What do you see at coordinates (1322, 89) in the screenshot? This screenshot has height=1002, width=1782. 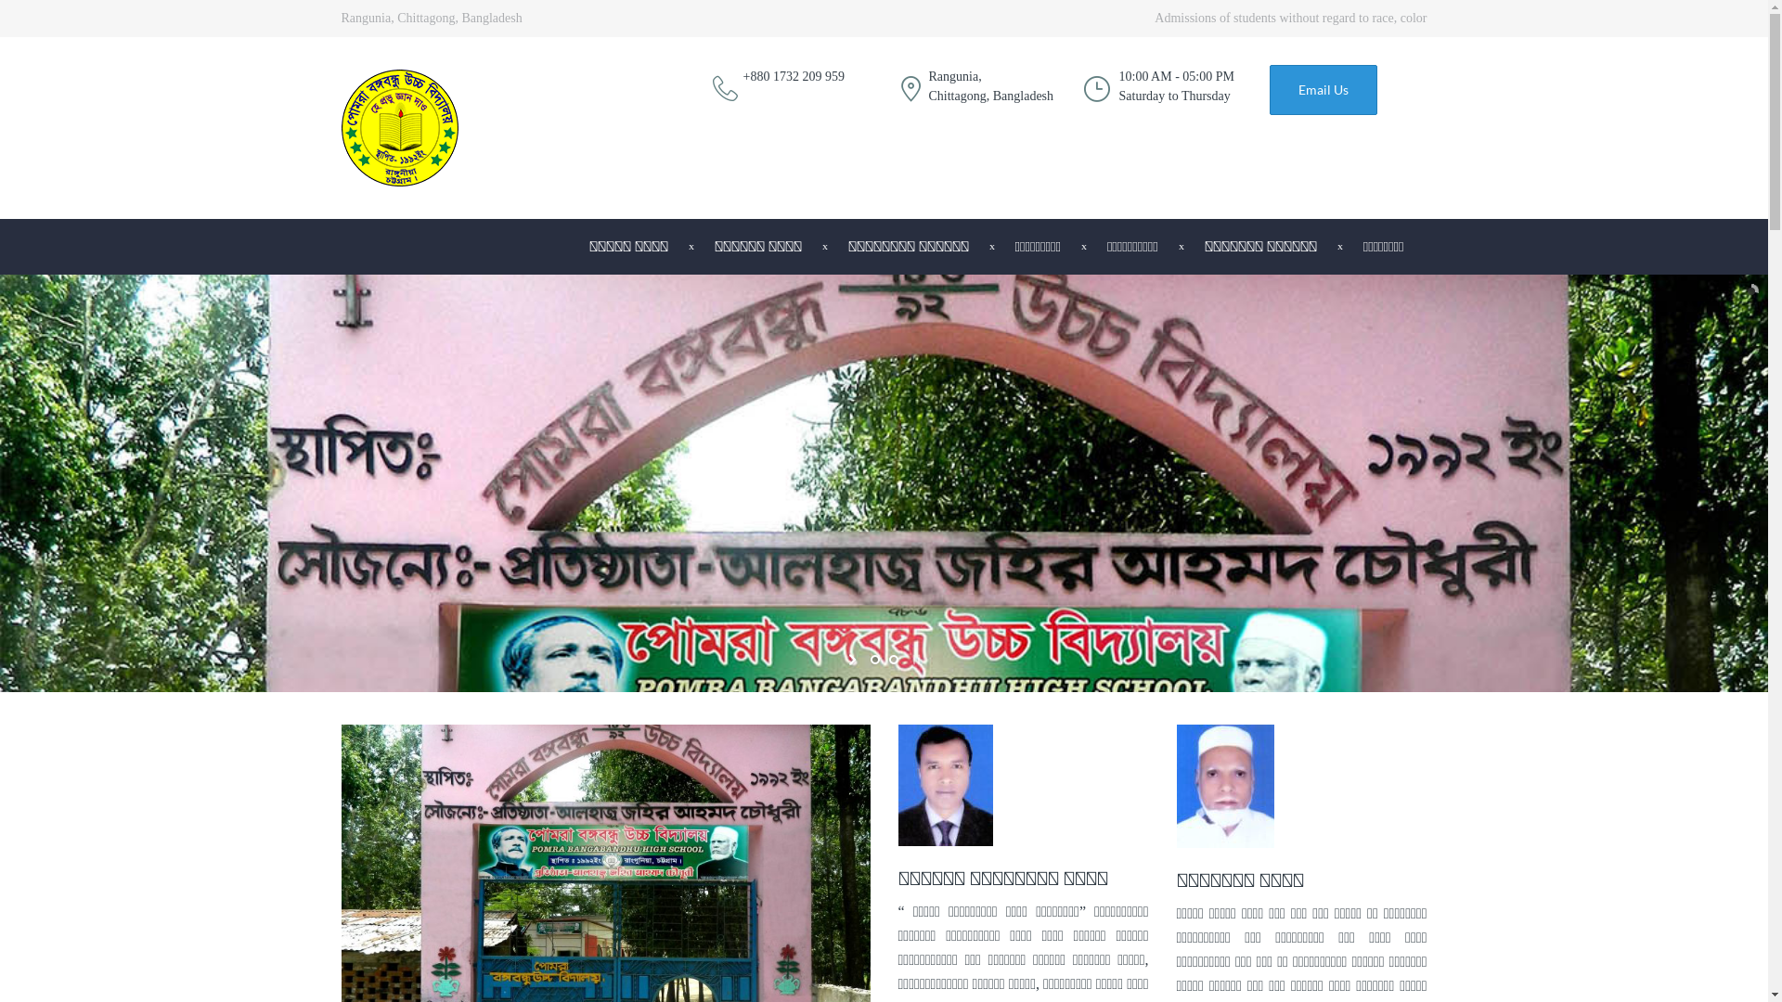 I see `'Email Us'` at bounding box center [1322, 89].